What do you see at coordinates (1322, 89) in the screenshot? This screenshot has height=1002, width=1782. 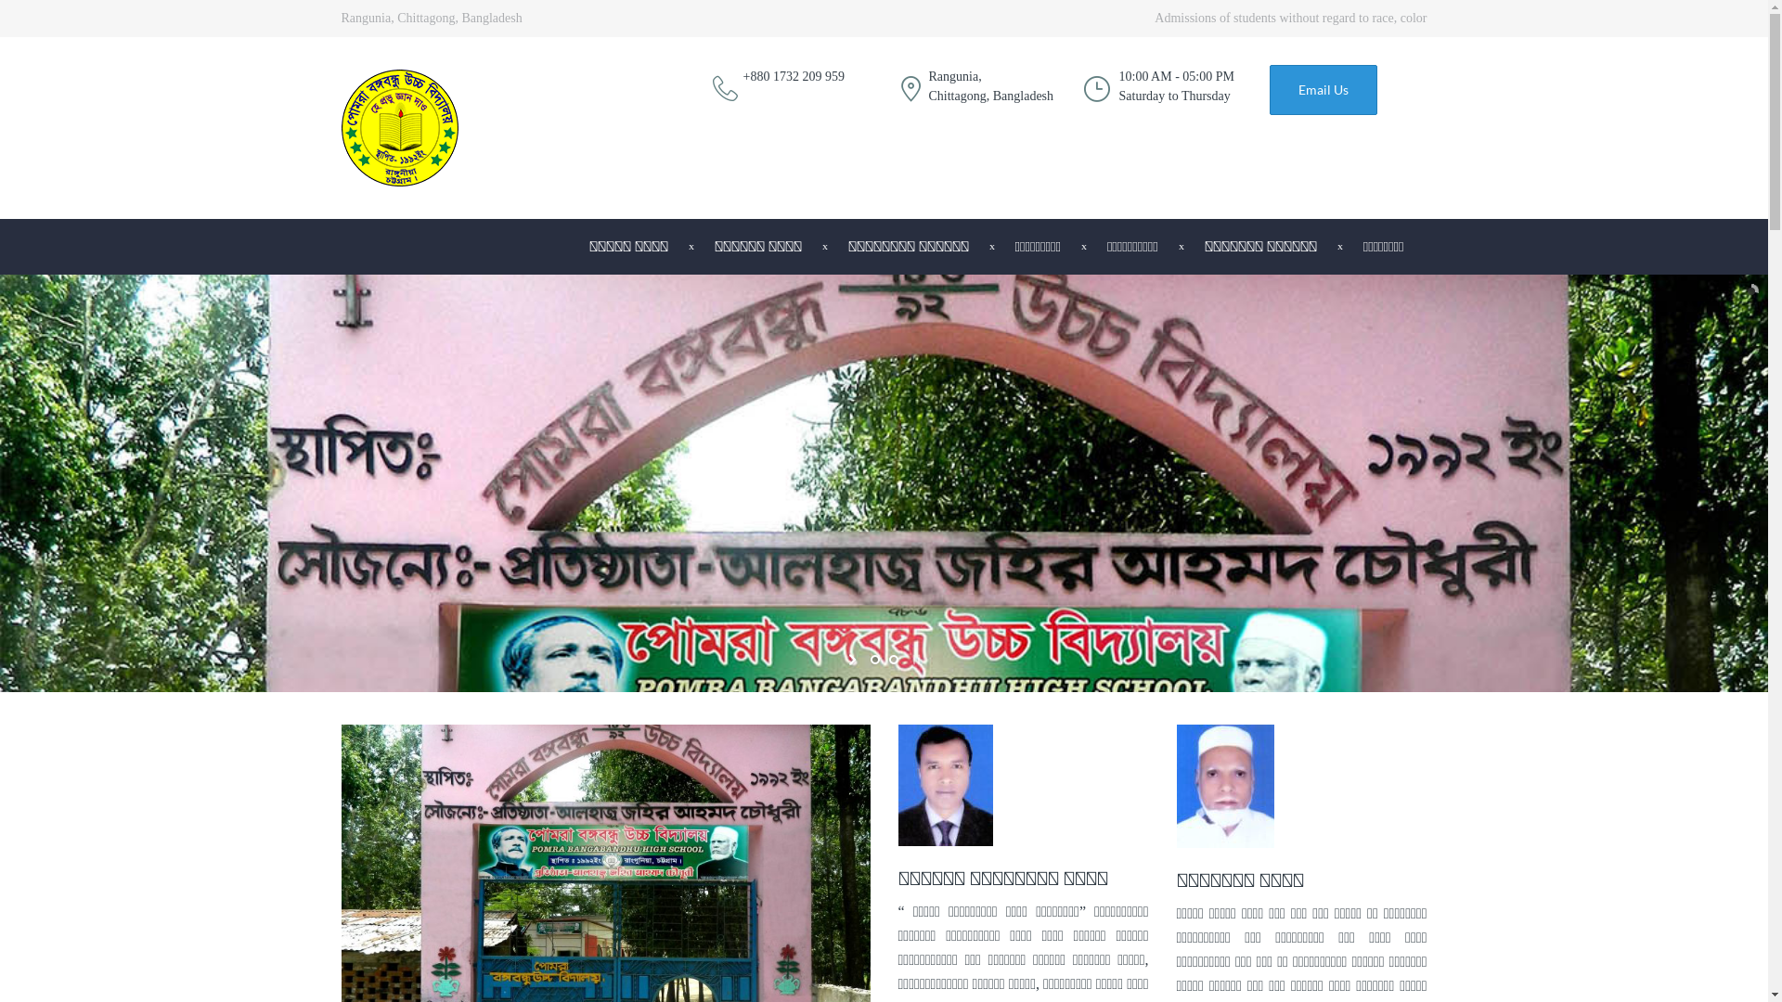 I see `'Email Us'` at bounding box center [1322, 89].